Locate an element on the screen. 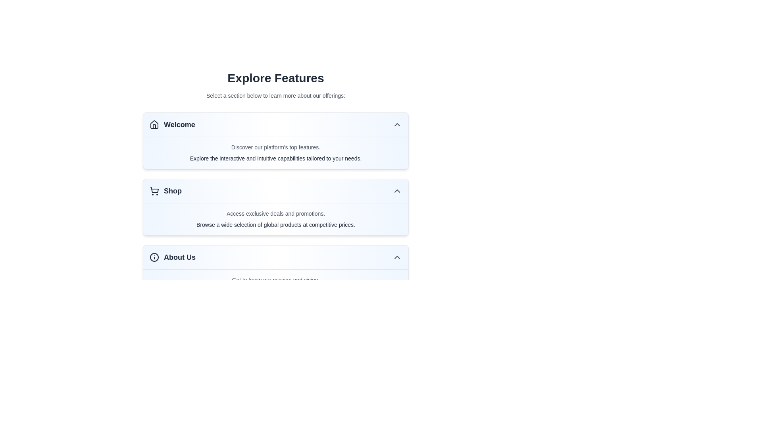 Image resolution: width=762 pixels, height=429 pixels. the Text component located below the title 'Welcome' in the 'Explore Features' section to potentially see additional styling effects is located at coordinates (276, 153).